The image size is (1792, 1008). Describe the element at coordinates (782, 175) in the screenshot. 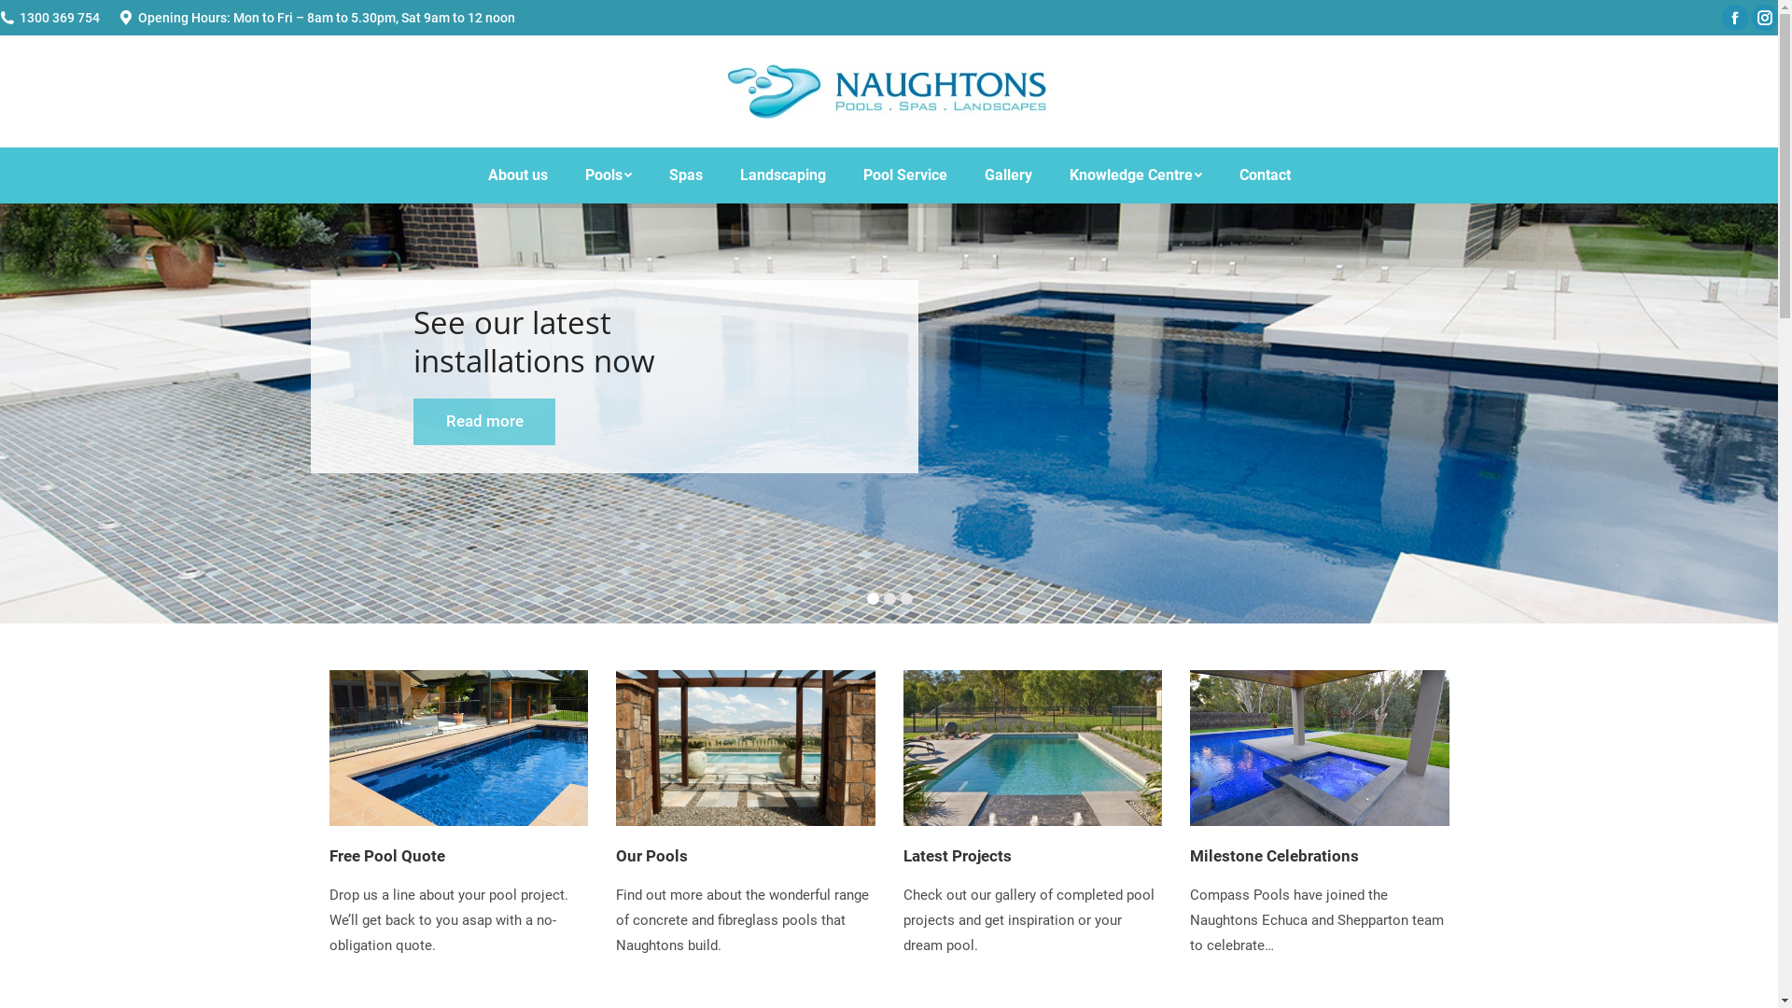

I see `'Landscaping'` at that location.